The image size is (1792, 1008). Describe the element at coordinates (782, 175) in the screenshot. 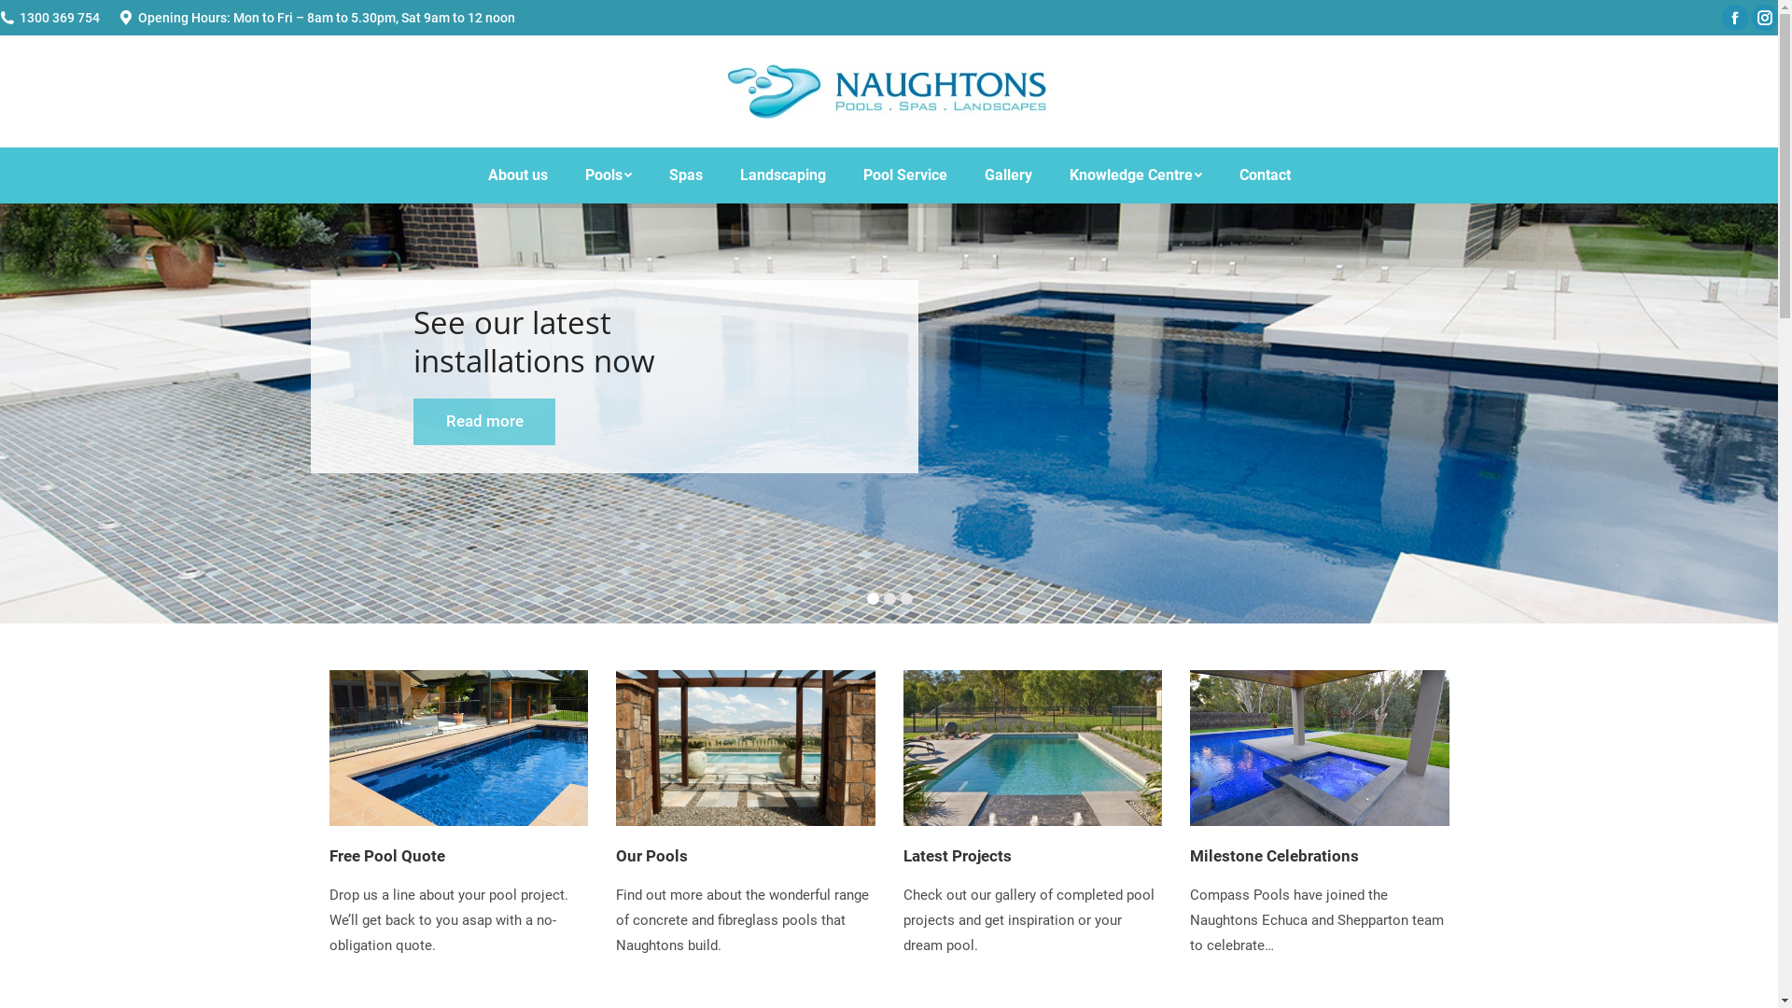

I see `'Landscaping'` at that location.